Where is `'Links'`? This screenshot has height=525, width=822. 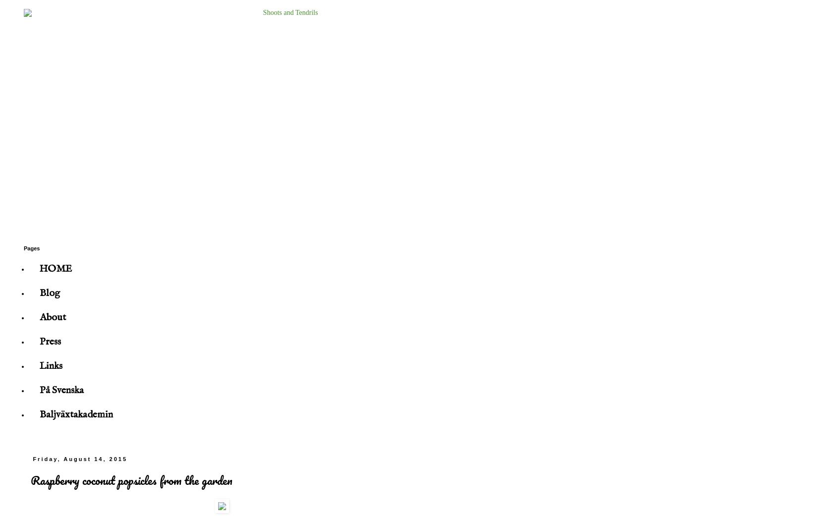
'Links' is located at coordinates (50, 366).